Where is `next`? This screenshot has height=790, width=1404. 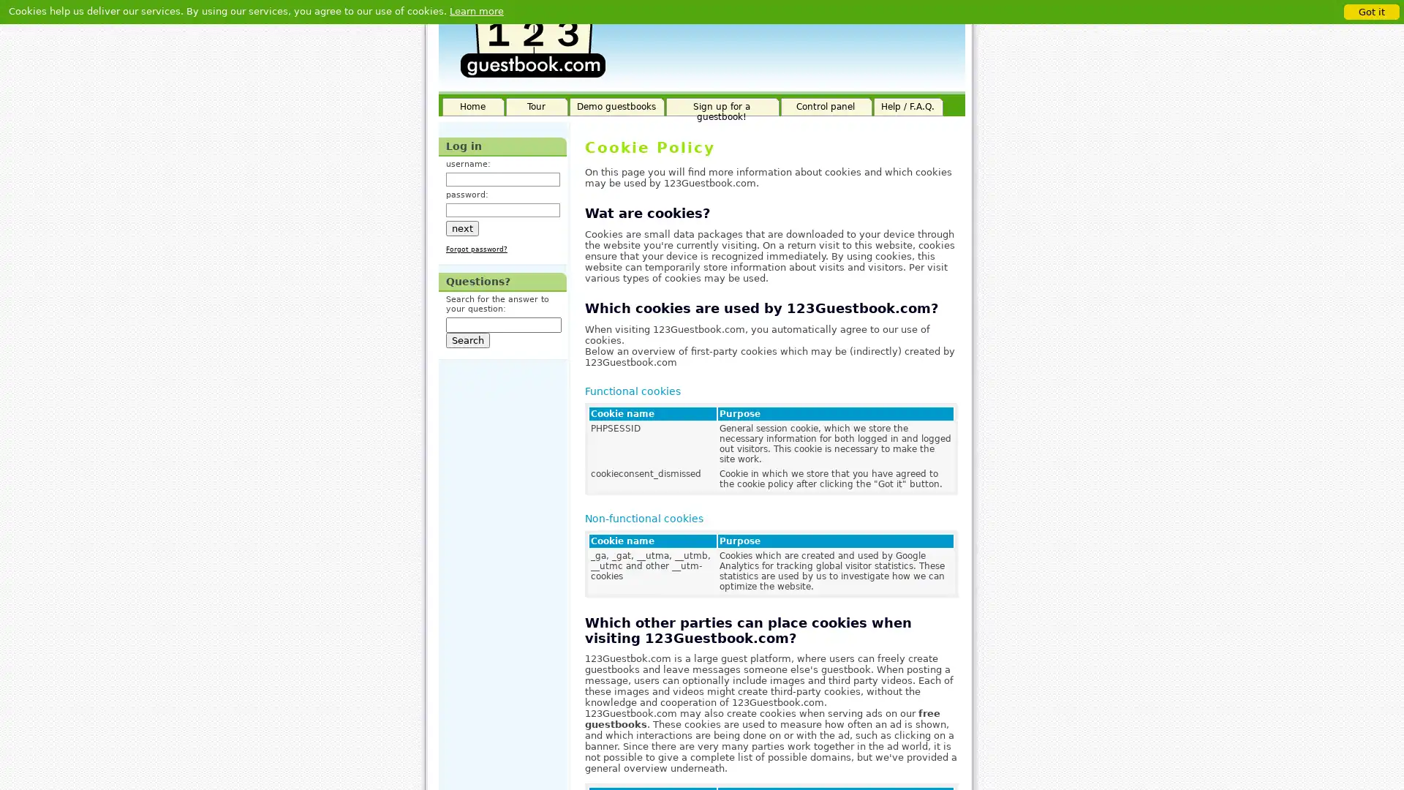 next is located at coordinates (461, 227).